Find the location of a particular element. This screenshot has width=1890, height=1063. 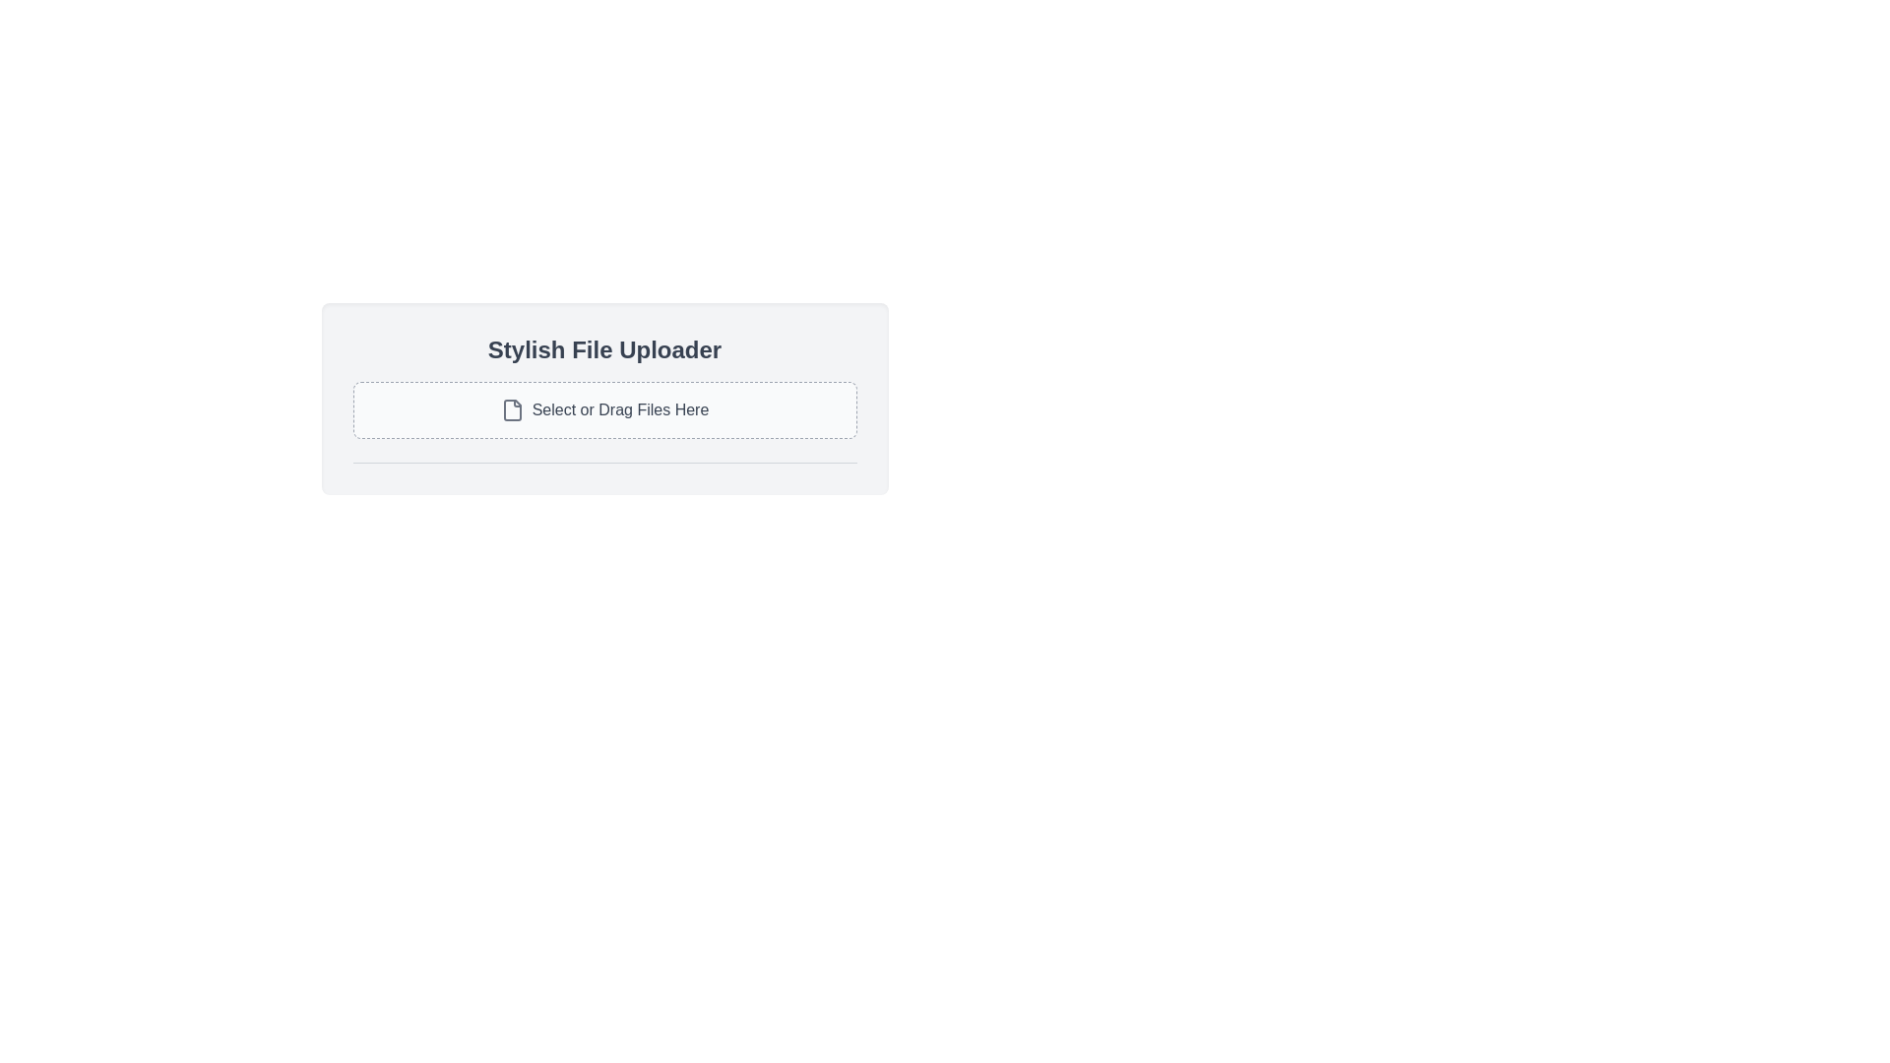

the text label displaying 'Select or Drag Files Here', which is part of the file uploader component located next to the file icon is located at coordinates (619, 408).